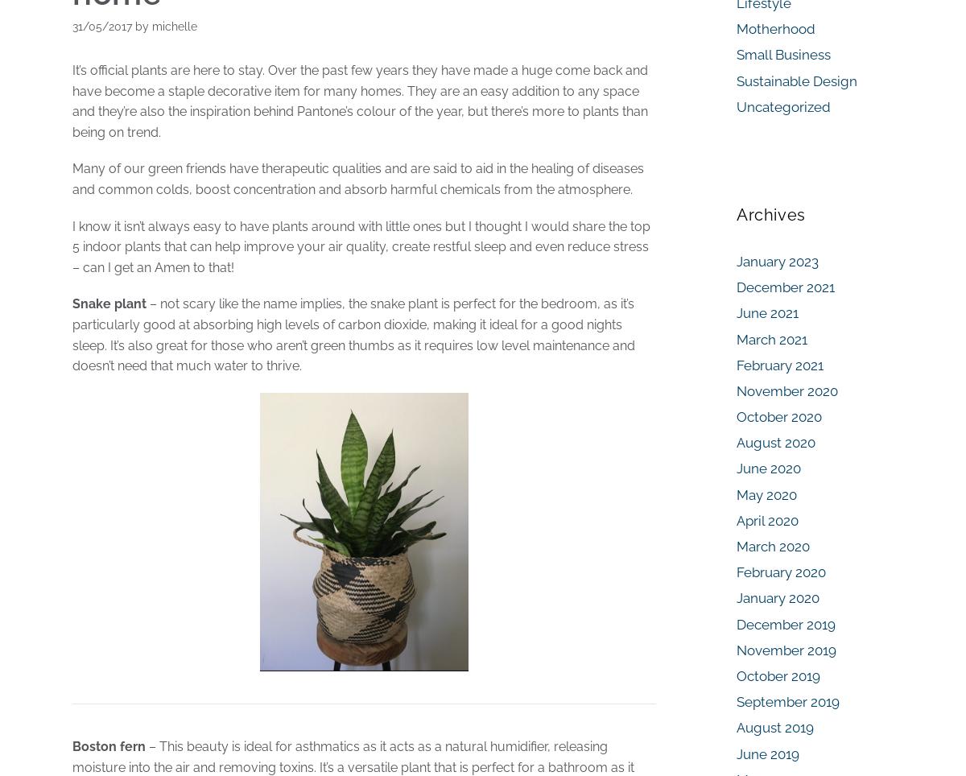 This screenshot has width=966, height=776. What do you see at coordinates (737, 54) in the screenshot?
I see `'Small Business'` at bounding box center [737, 54].